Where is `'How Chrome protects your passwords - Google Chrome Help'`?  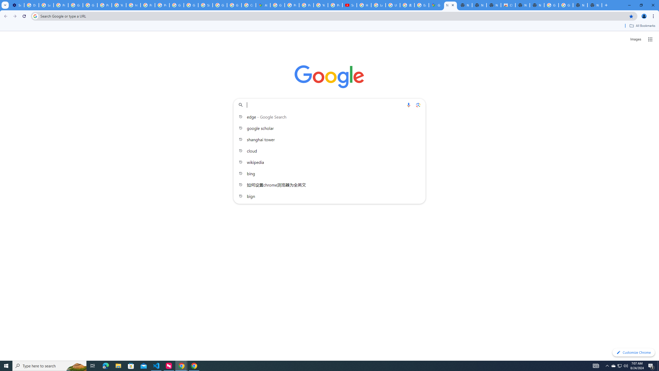
'How Chrome protects your passwords - Google Chrome Help' is located at coordinates (364, 5).